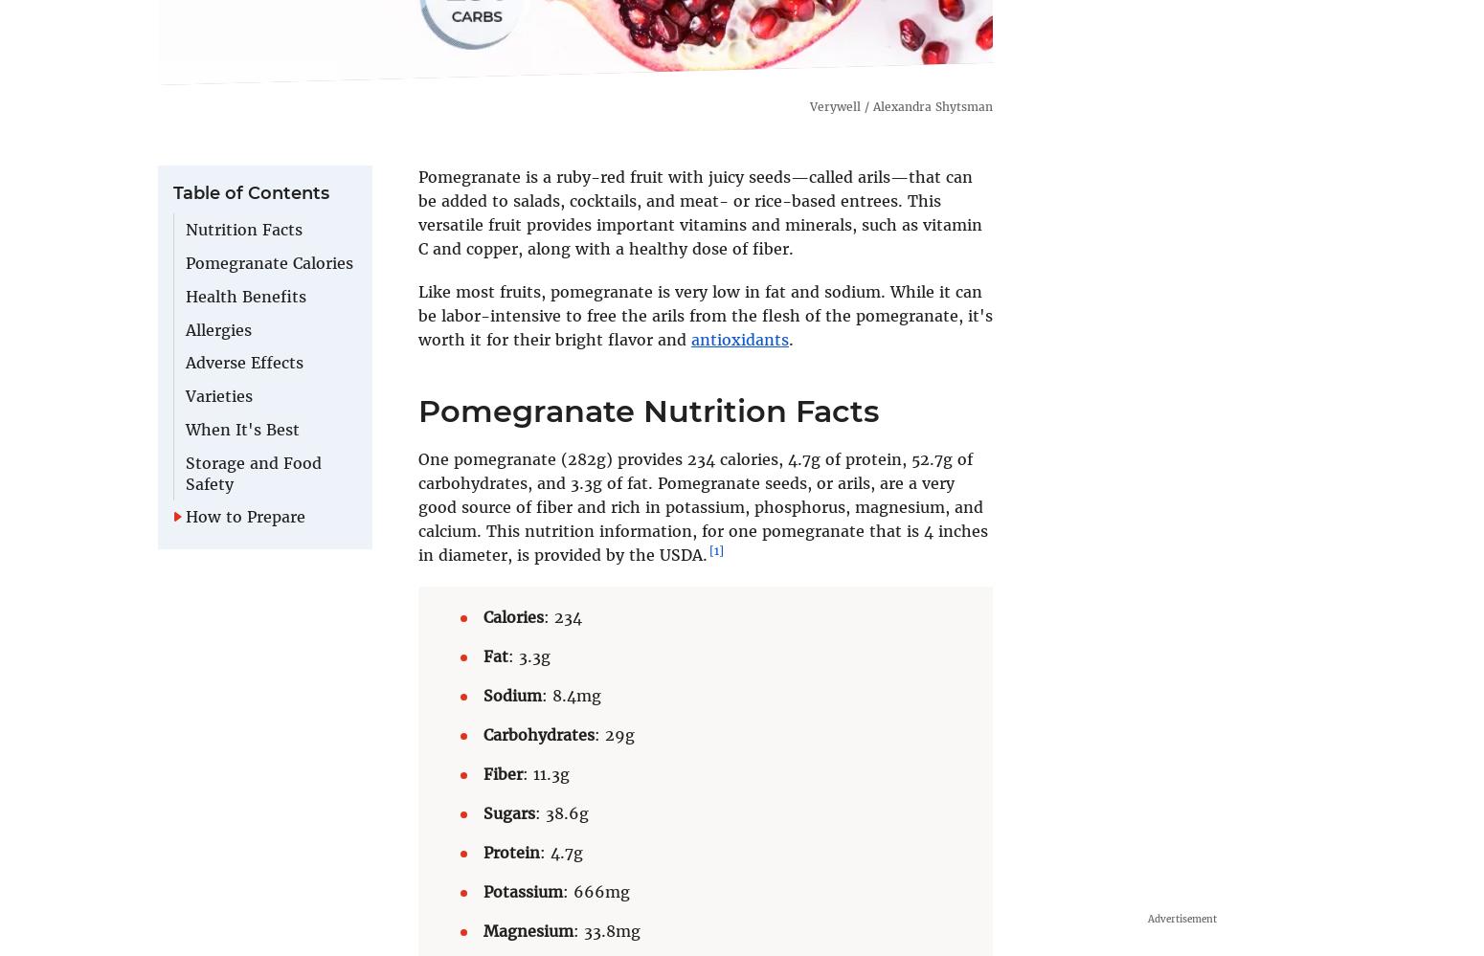 The width and height of the screenshot is (1484, 956). Describe the element at coordinates (244, 363) in the screenshot. I see `'Adverse Effects'` at that location.